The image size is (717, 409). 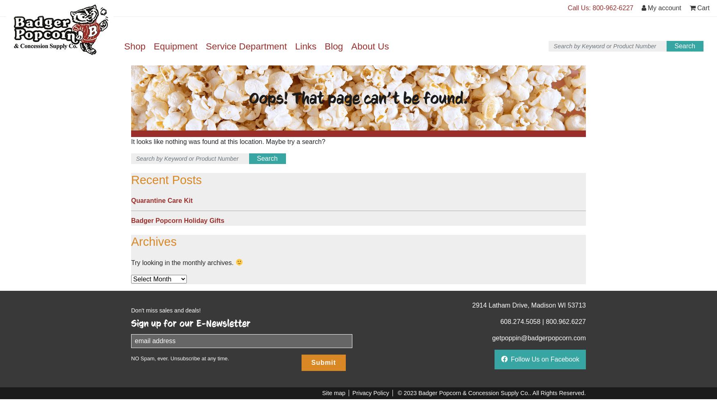 What do you see at coordinates (154, 241) in the screenshot?
I see `'Archives'` at bounding box center [154, 241].